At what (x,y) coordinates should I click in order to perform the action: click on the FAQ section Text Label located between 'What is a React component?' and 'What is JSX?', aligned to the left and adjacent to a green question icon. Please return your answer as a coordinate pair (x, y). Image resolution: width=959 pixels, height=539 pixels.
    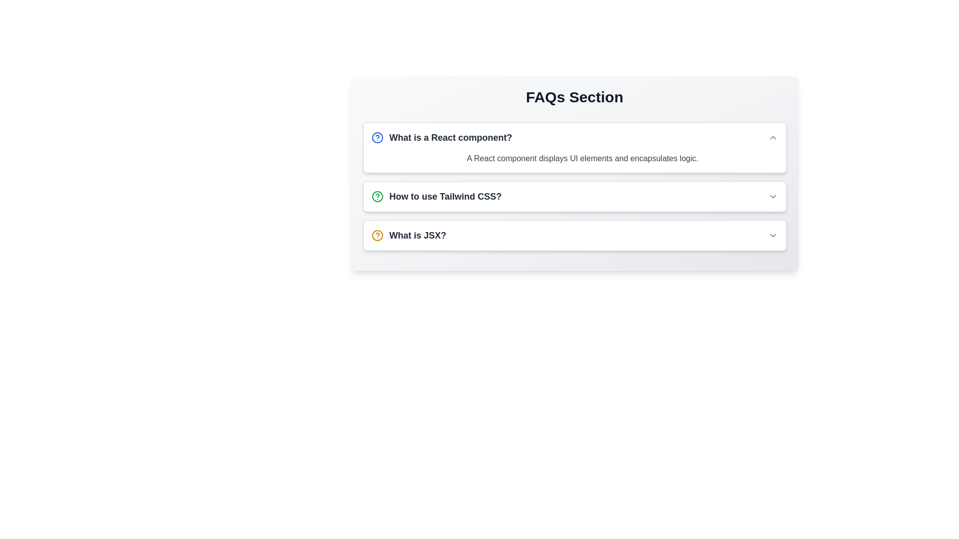
    Looking at the image, I should click on (445, 196).